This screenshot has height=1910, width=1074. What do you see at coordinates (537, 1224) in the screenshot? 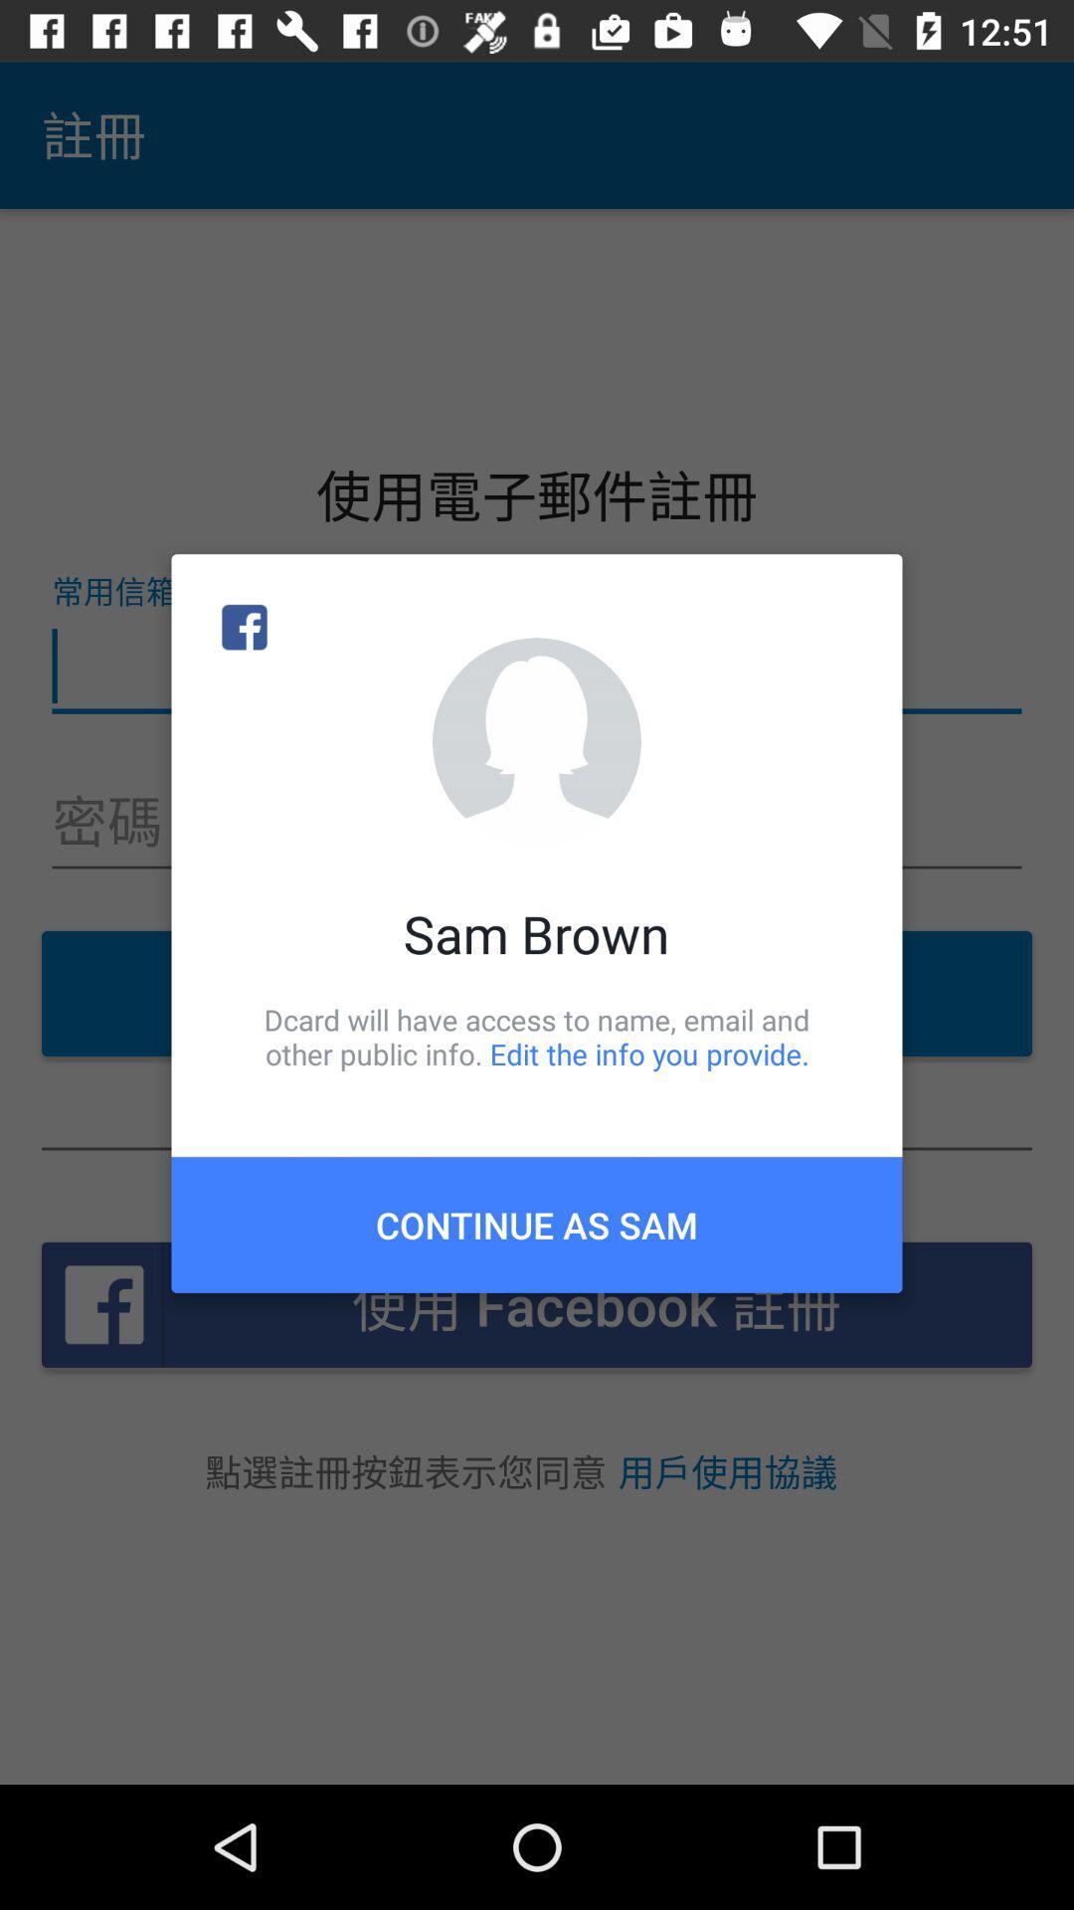
I see `item below the dcard will have item` at bounding box center [537, 1224].